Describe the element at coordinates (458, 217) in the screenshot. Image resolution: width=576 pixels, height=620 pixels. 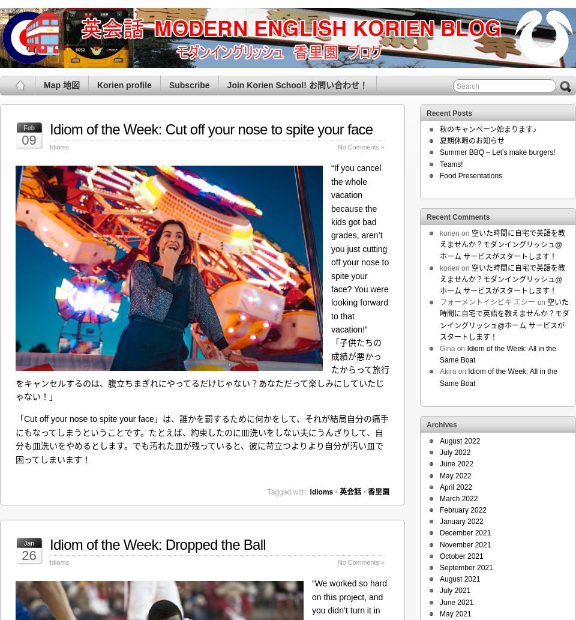
I see `'Recent Comments'` at that location.